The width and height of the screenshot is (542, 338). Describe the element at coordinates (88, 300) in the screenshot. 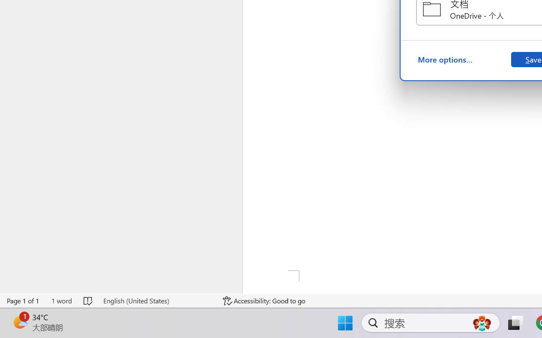

I see `'Spelling and Grammar Check No Errors'` at that location.